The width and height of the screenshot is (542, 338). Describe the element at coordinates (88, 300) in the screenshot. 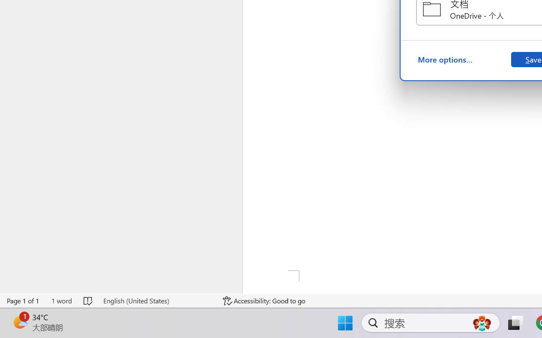

I see `'Spelling and Grammar Check No Errors'` at that location.